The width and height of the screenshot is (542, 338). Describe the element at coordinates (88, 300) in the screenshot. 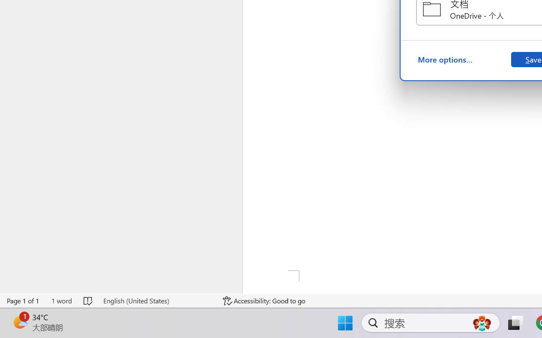

I see `'Spelling and Grammar Check No Errors'` at that location.